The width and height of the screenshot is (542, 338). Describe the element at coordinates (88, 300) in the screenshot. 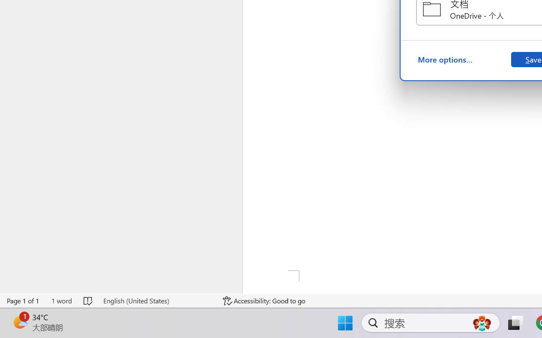

I see `'Spelling and Grammar Check No Errors'` at that location.